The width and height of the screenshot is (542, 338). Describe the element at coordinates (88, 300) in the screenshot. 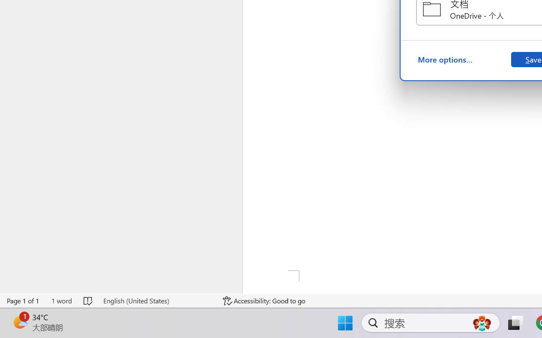

I see `'Spelling and Grammar Check No Errors'` at that location.